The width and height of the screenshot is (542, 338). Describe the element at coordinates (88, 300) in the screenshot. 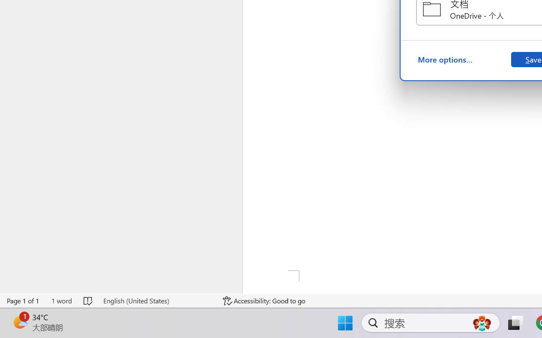

I see `'Spelling and Grammar Check No Errors'` at that location.